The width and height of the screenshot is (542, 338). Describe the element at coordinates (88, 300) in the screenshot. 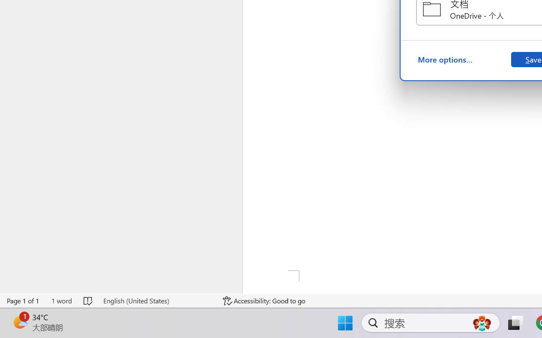

I see `'Spelling and Grammar Check No Errors'` at that location.